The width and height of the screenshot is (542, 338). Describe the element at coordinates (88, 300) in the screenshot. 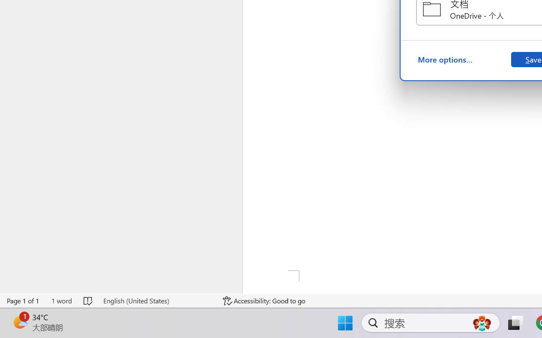

I see `'Spelling and Grammar Check No Errors'` at that location.